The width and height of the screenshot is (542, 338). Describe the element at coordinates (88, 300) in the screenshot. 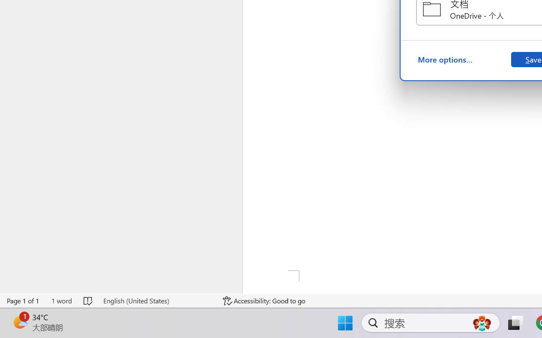

I see `'Spelling and Grammar Check No Errors'` at that location.